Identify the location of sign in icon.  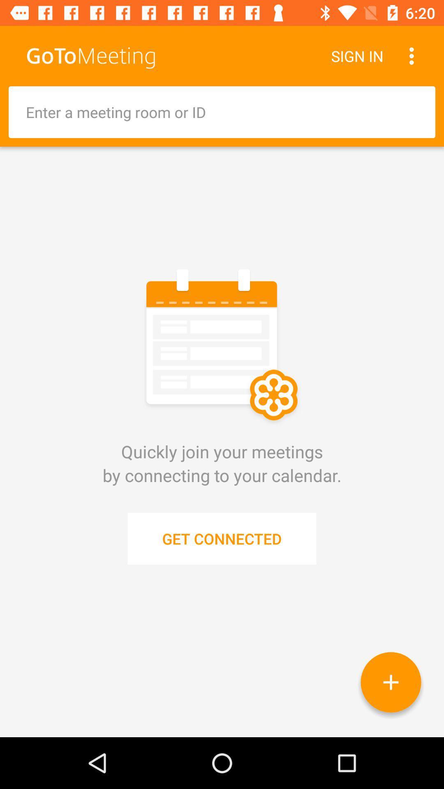
(357, 55).